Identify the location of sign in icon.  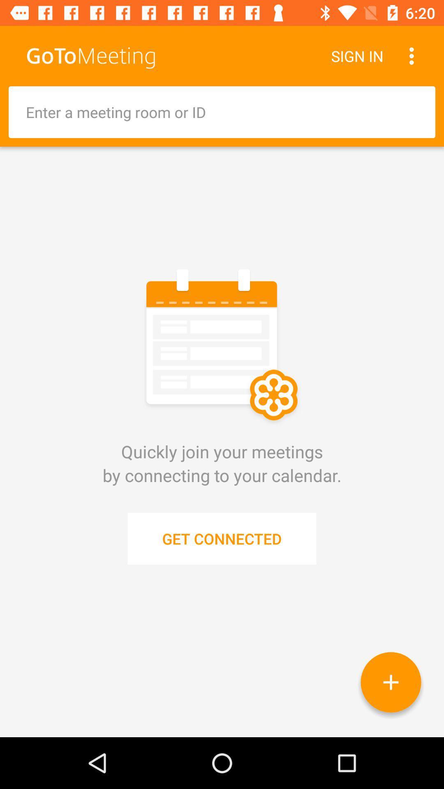
(357, 55).